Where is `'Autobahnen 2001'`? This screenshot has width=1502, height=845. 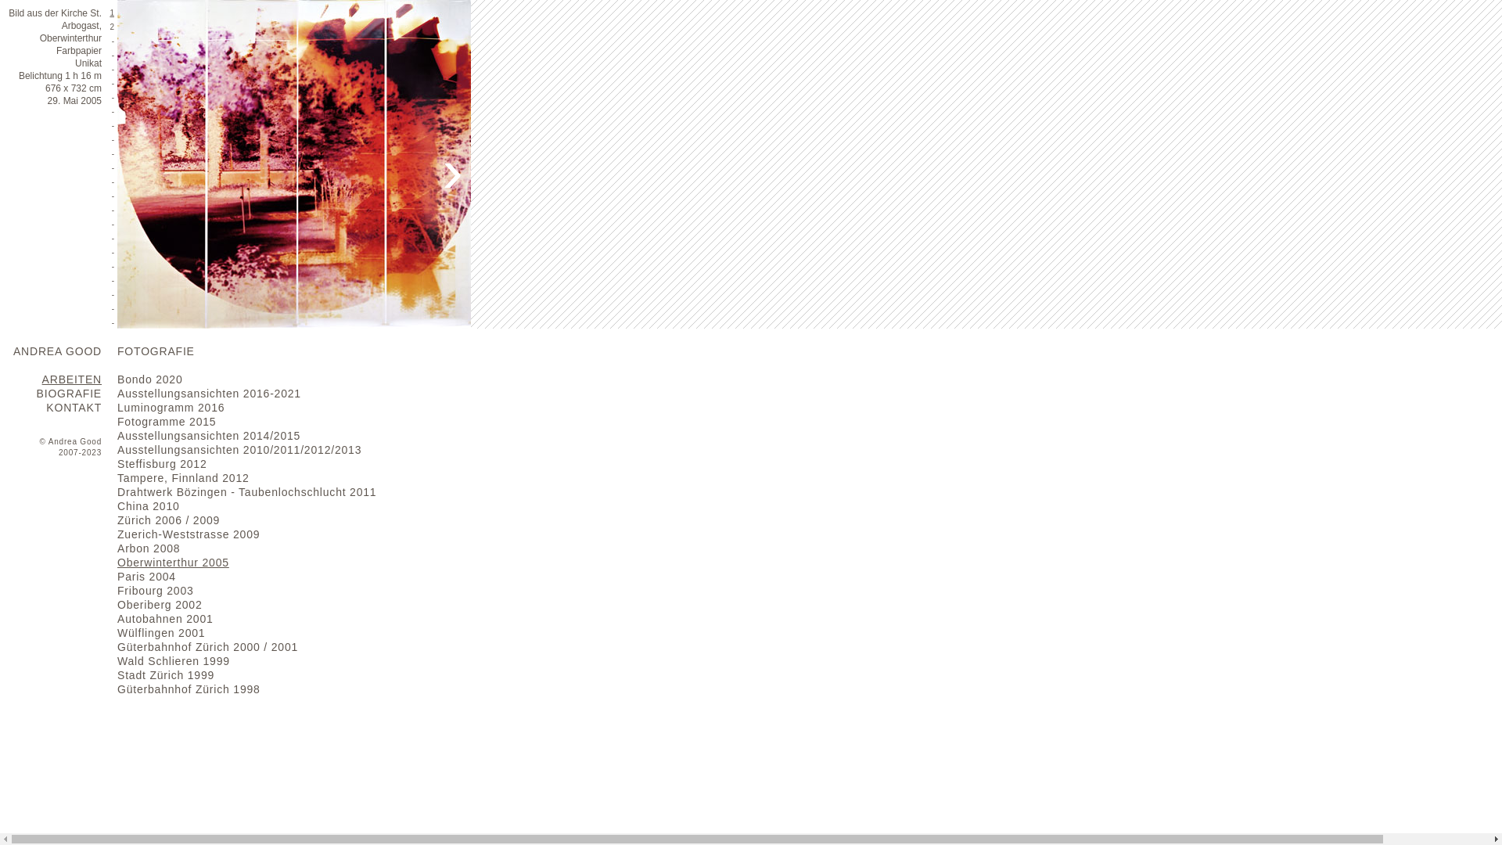 'Autobahnen 2001' is located at coordinates (165, 617).